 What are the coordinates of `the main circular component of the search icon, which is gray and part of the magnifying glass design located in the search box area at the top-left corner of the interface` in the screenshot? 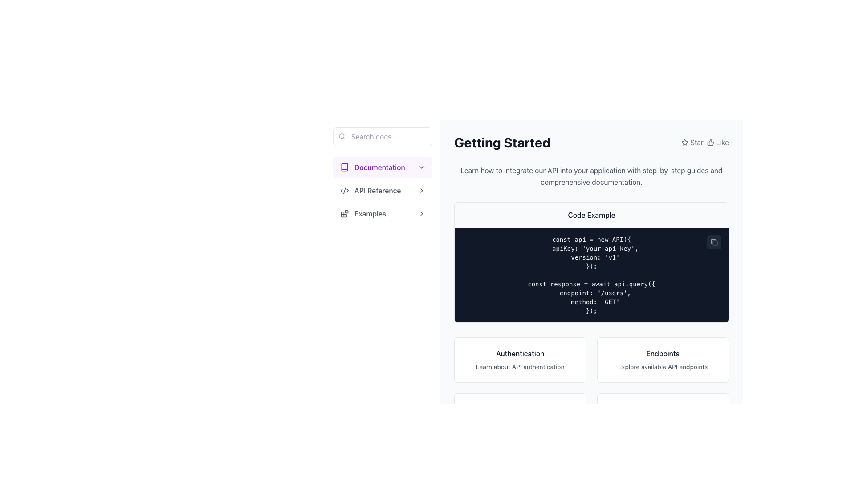 It's located at (341, 136).